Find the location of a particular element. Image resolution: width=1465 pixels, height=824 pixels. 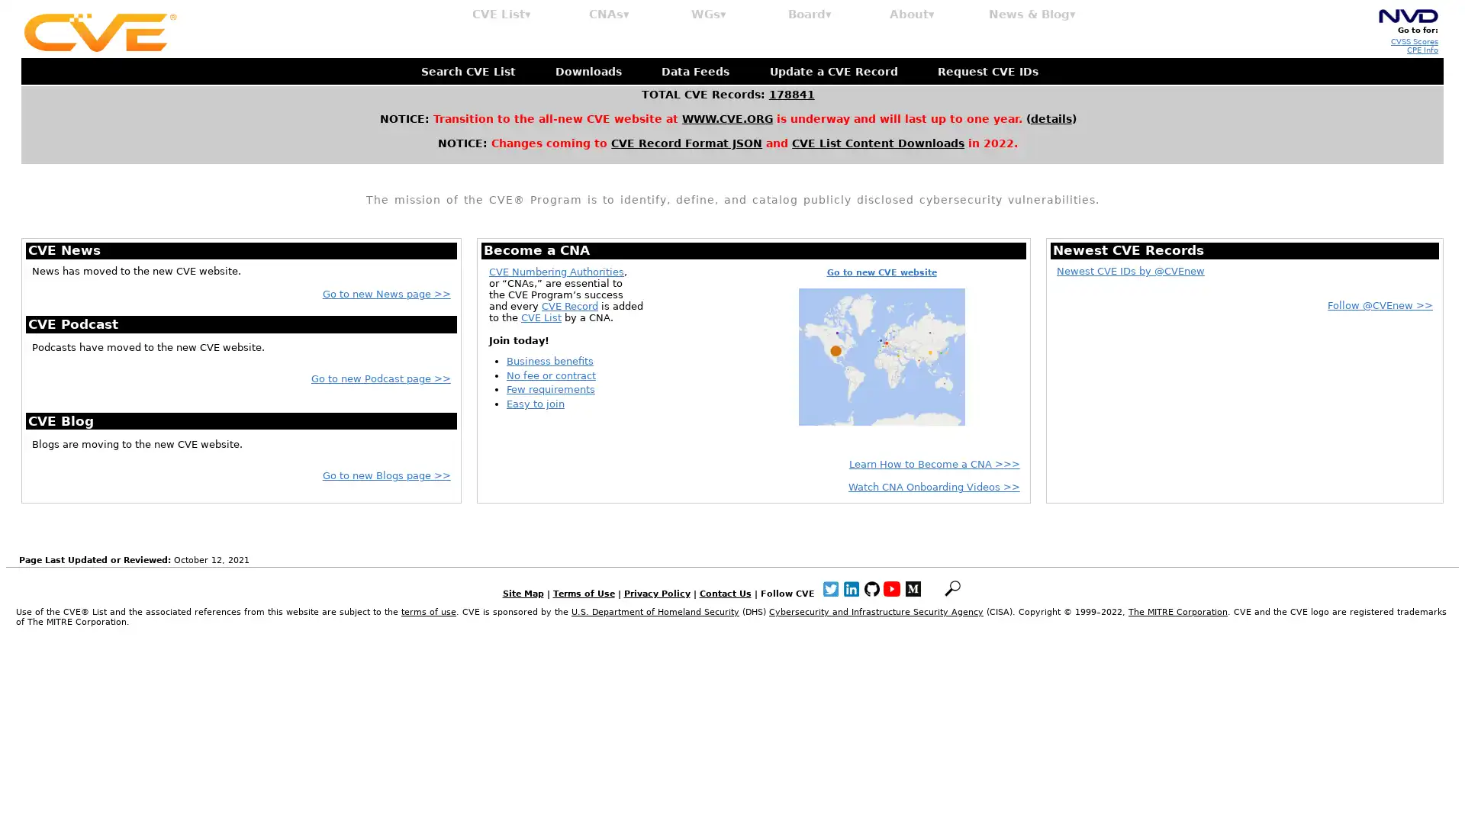

News & Blog is located at coordinates (1032, 14).